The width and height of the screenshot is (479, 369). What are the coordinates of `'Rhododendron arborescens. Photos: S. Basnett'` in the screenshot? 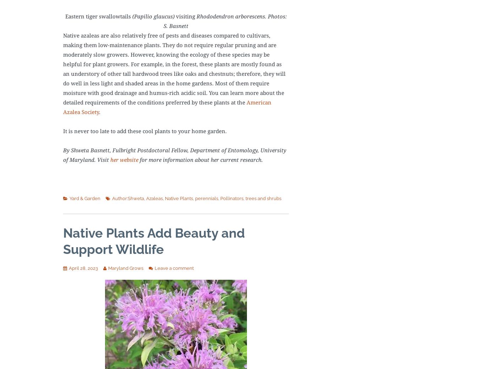 It's located at (225, 21).